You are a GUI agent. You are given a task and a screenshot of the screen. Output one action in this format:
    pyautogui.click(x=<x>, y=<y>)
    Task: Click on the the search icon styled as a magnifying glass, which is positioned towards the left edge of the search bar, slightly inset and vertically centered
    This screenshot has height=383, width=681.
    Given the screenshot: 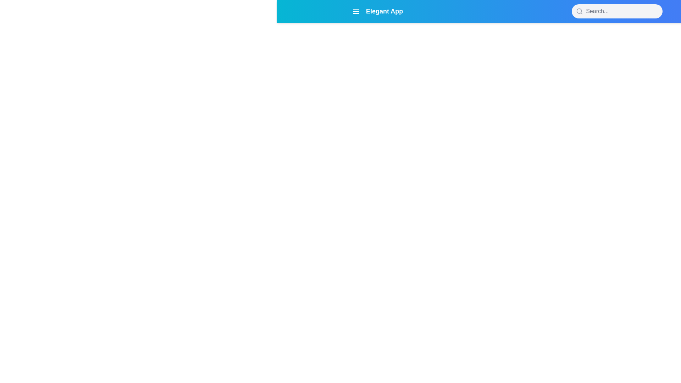 What is the action you would take?
    pyautogui.click(x=580, y=11)
    